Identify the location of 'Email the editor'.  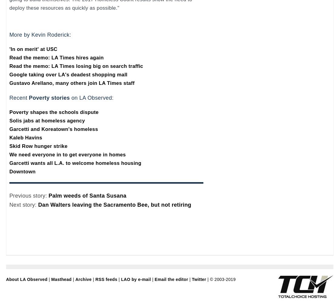
(171, 279).